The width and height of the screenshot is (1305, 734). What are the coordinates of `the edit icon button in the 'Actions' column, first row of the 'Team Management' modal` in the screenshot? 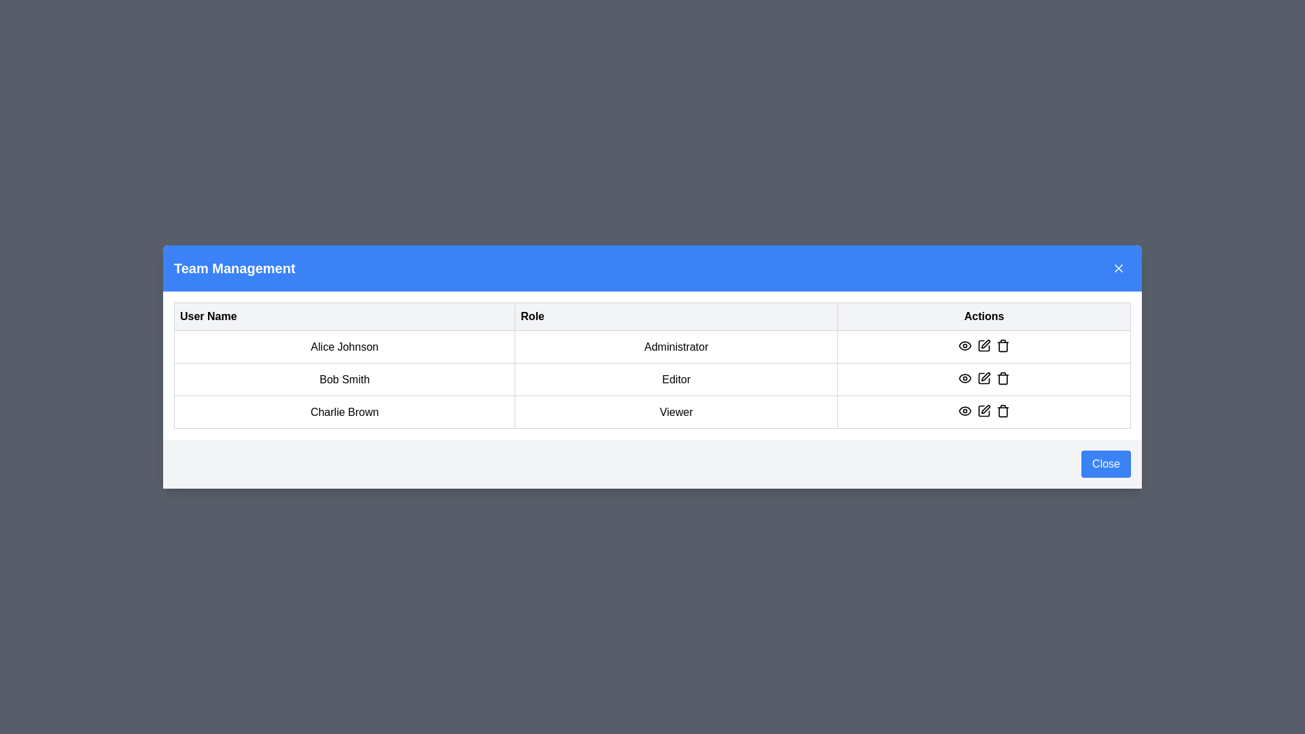 It's located at (984, 345).